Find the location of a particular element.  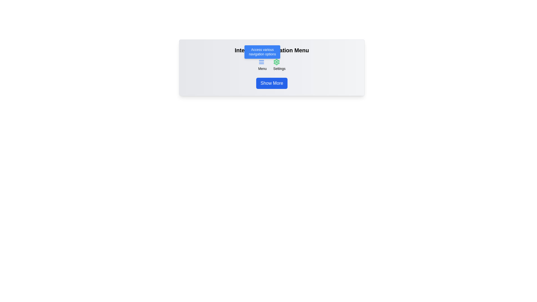

the Menu Button, which is a rectangular UI component with a blue three-line icon and the text label 'Menu' in black is located at coordinates (262, 64).